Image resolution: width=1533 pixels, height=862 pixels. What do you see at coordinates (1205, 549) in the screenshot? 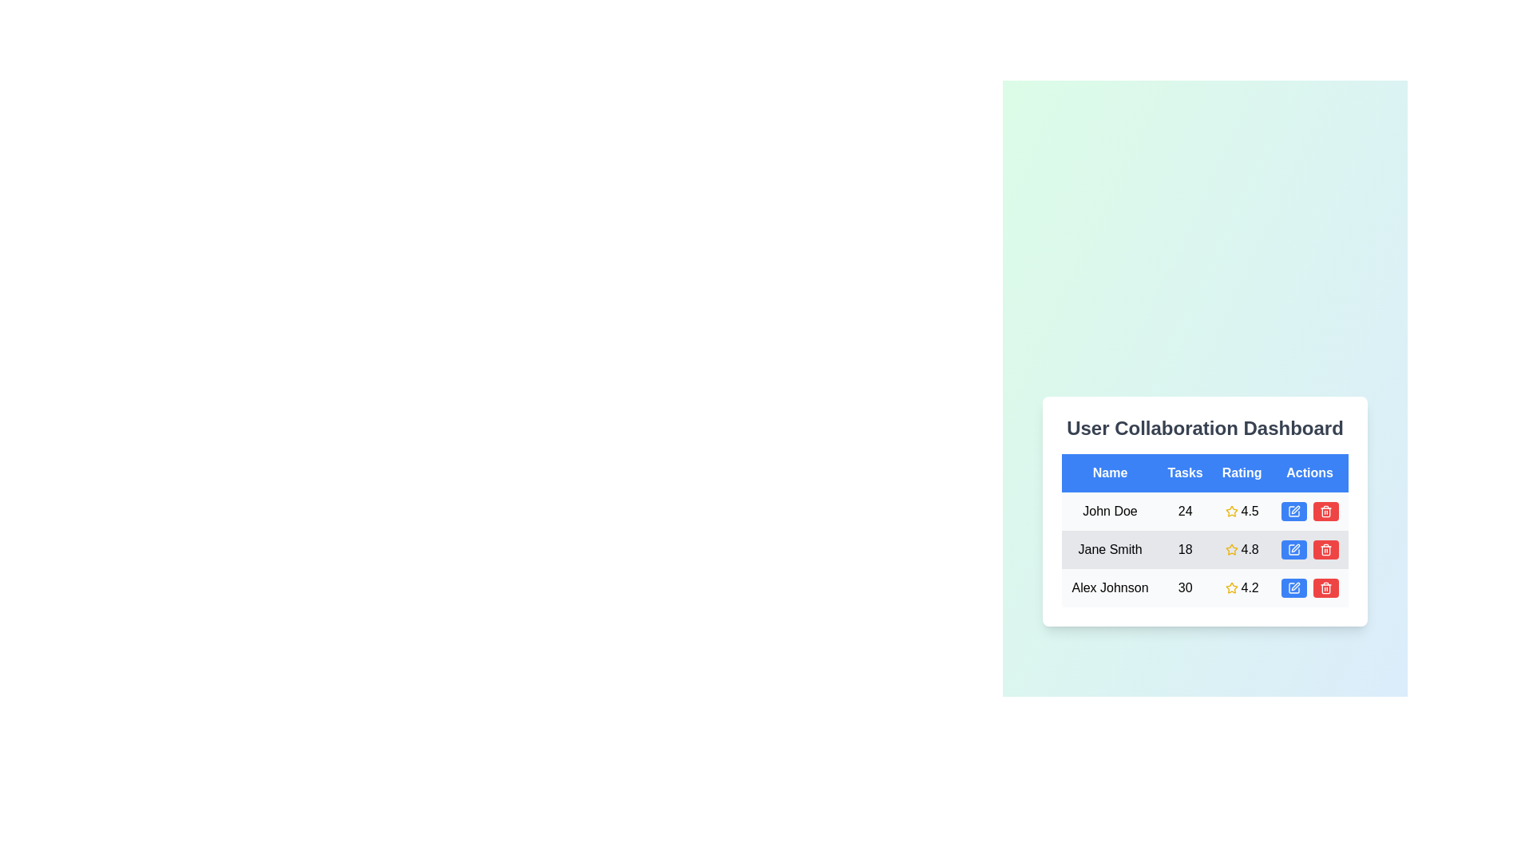
I see `the name 'Jane Smith' in the second row of the 'User Collaboration Dashboard' table` at bounding box center [1205, 549].